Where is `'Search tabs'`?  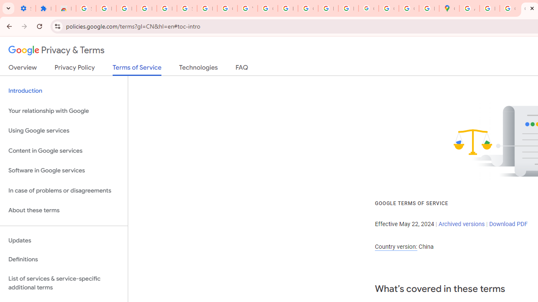
'Search tabs' is located at coordinates (8, 8).